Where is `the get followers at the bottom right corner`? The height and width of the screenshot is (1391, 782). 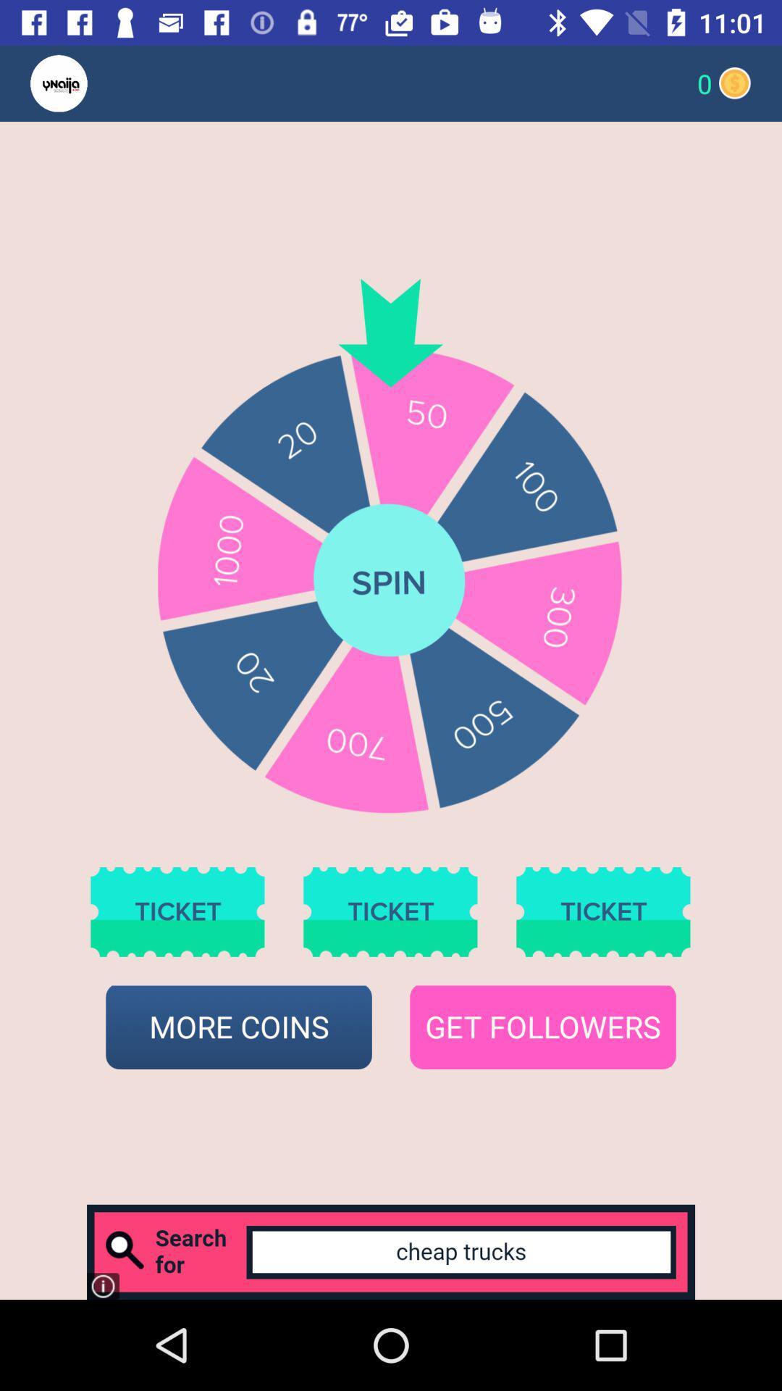 the get followers at the bottom right corner is located at coordinates (542, 1027).